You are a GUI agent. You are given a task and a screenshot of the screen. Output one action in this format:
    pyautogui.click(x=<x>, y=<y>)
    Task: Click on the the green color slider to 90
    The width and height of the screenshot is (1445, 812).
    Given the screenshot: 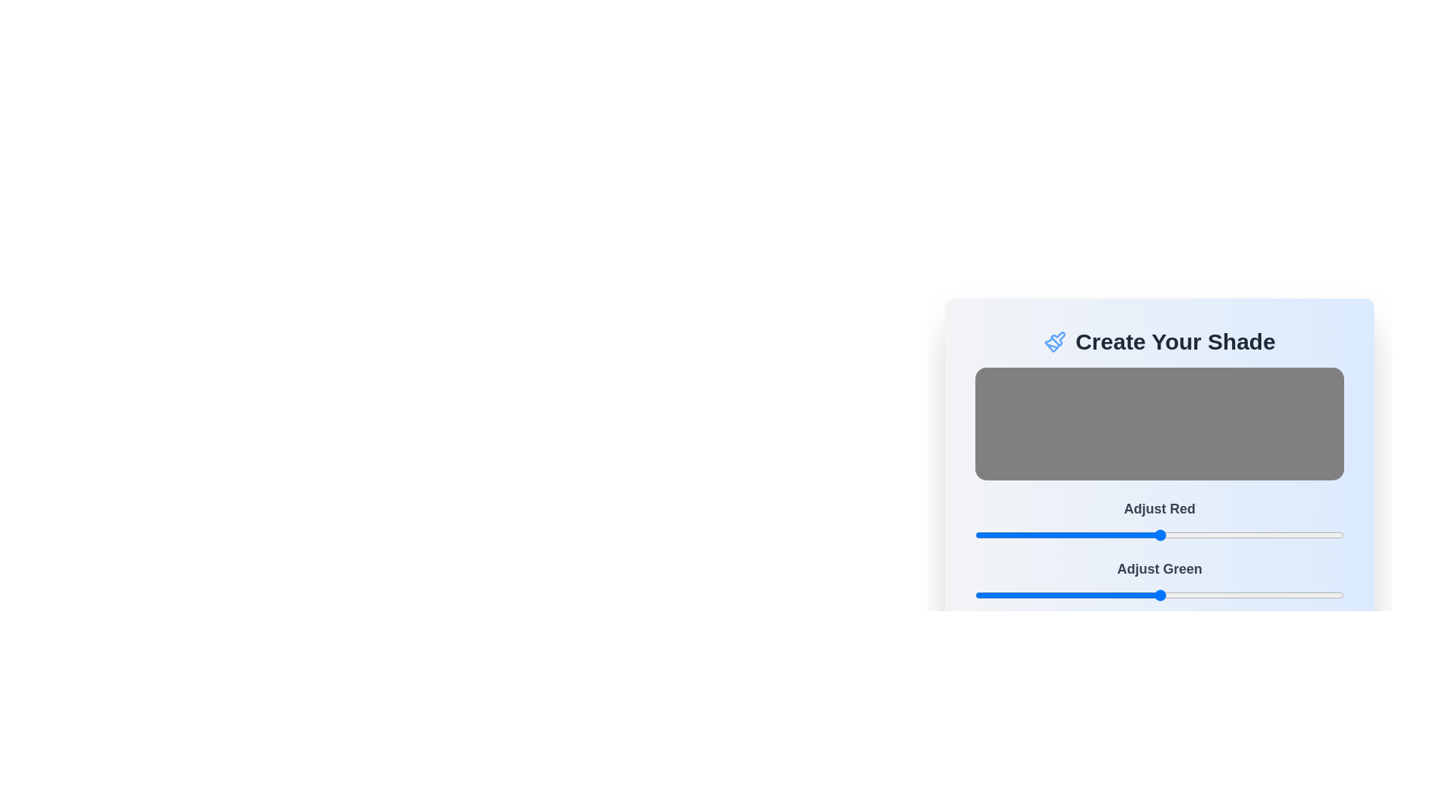 What is the action you would take?
    pyautogui.click(x=1105, y=594)
    